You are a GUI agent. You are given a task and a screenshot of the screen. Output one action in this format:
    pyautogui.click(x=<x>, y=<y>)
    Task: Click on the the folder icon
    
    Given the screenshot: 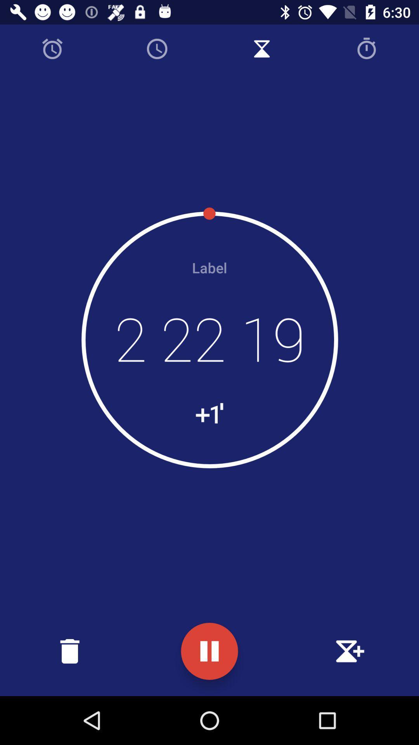 What is the action you would take?
    pyautogui.click(x=70, y=651)
    